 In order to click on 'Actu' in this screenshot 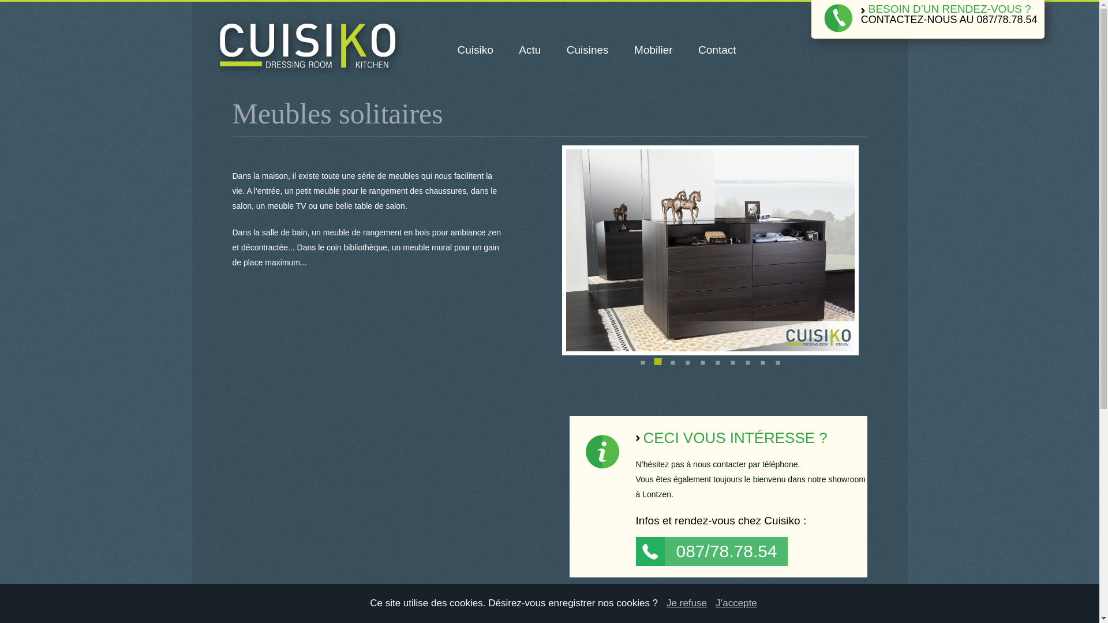, I will do `click(507, 50)`.